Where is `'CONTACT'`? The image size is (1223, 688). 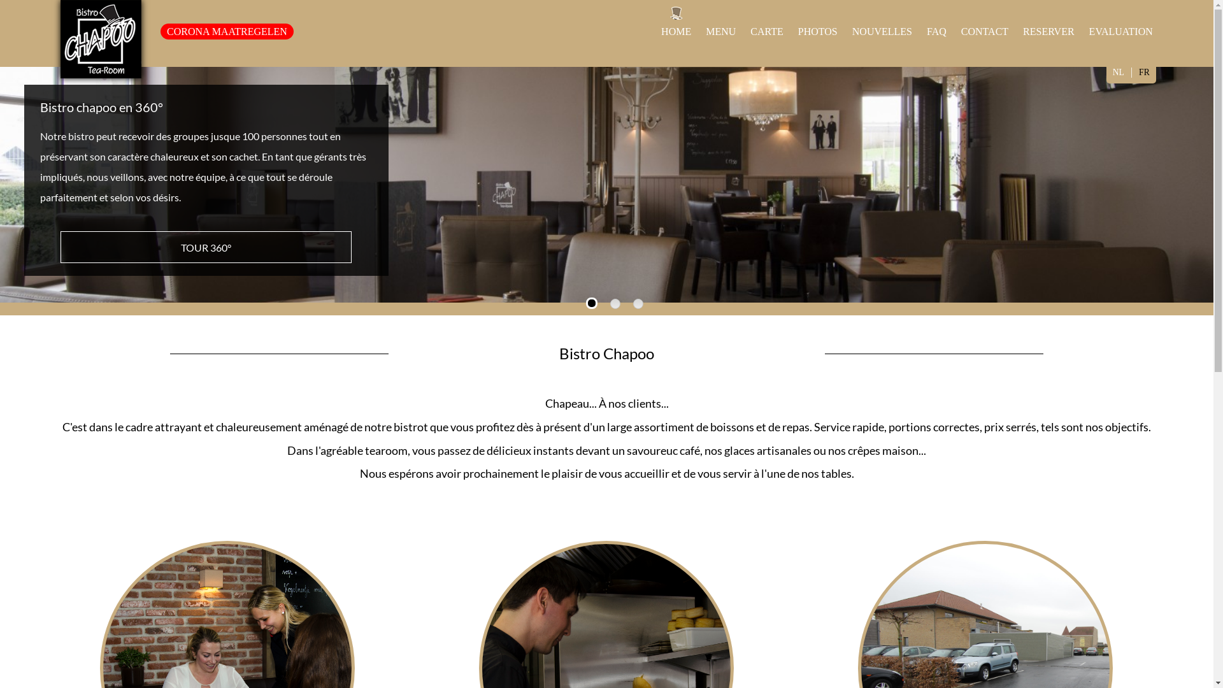 'CONTACT' is located at coordinates (983, 31).